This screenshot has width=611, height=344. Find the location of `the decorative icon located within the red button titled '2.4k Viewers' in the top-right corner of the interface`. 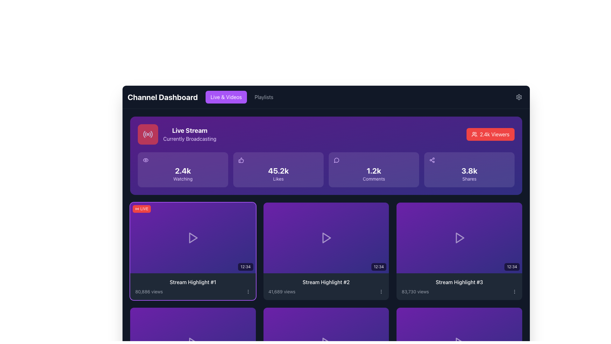

the decorative icon located within the red button titled '2.4k Viewers' in the top-right corner of the interface is located at coordinates (474, 134).